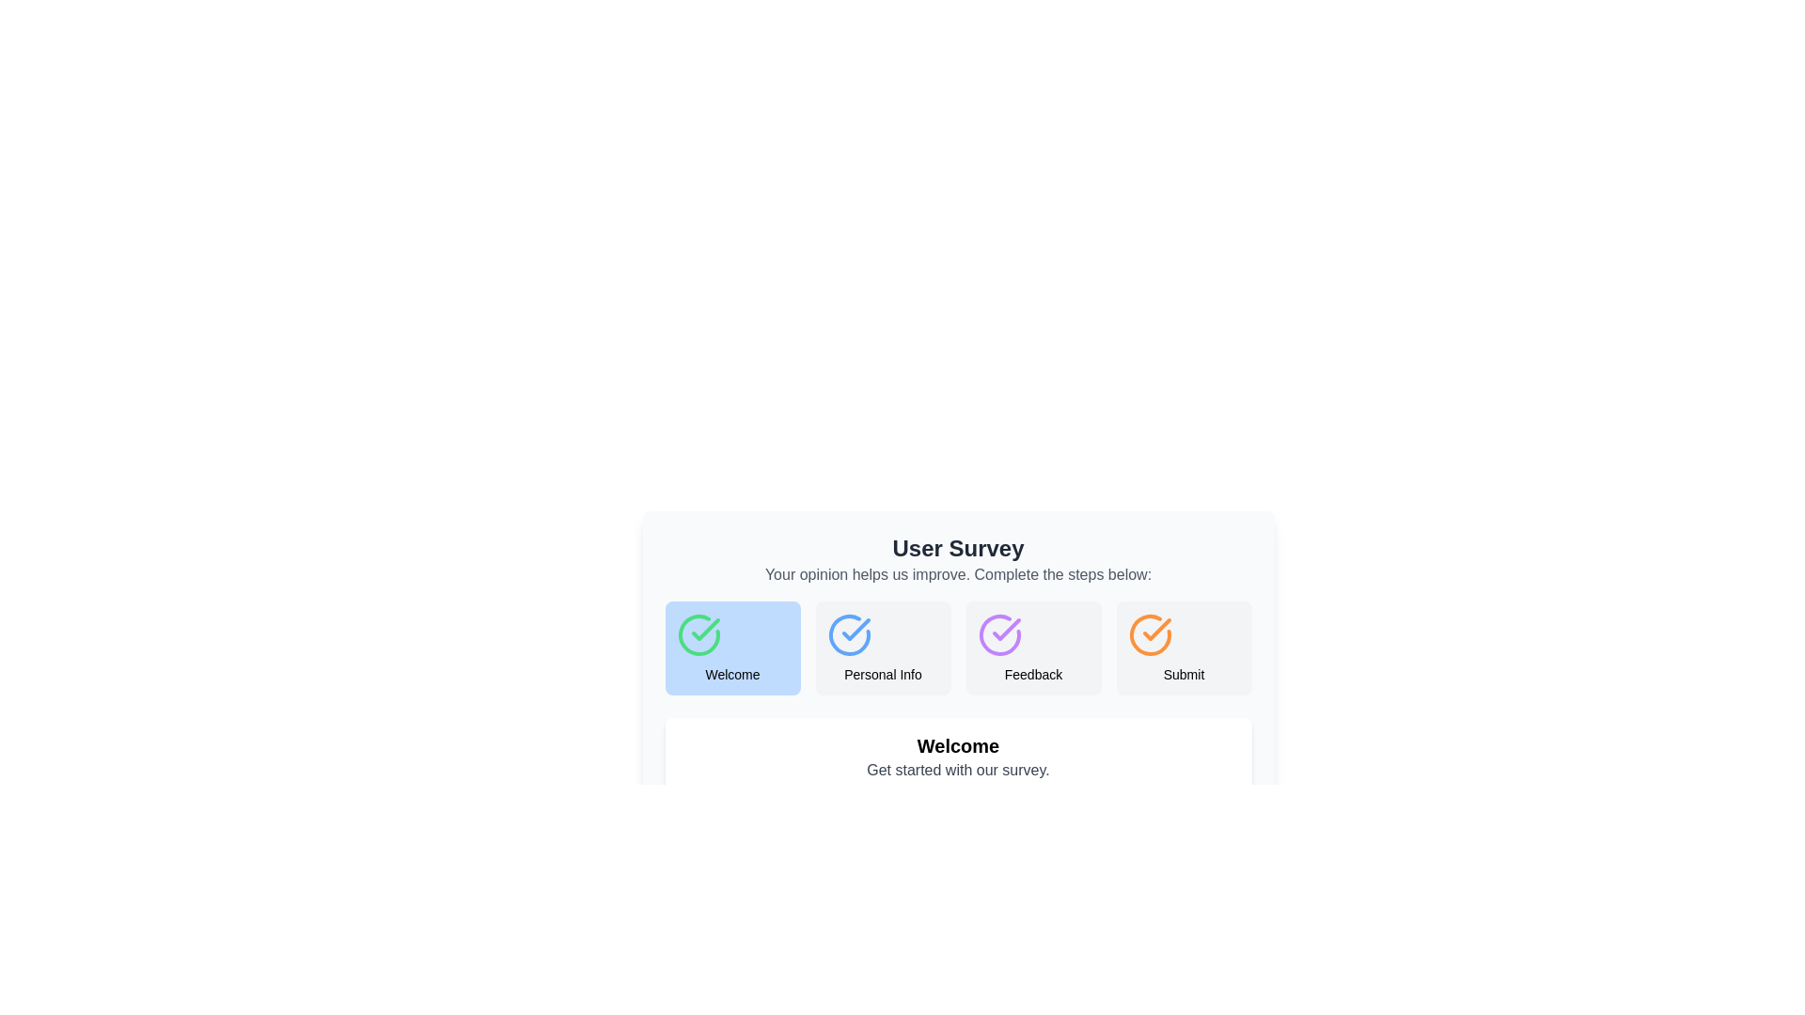 This screenshot has width=1805, height=1015. I want to click on the orange circular check mark icon located in the 'Submit' section of the user survey interface, positioned to the right of the purple 'Feedback' icon, so click(1149, 634).